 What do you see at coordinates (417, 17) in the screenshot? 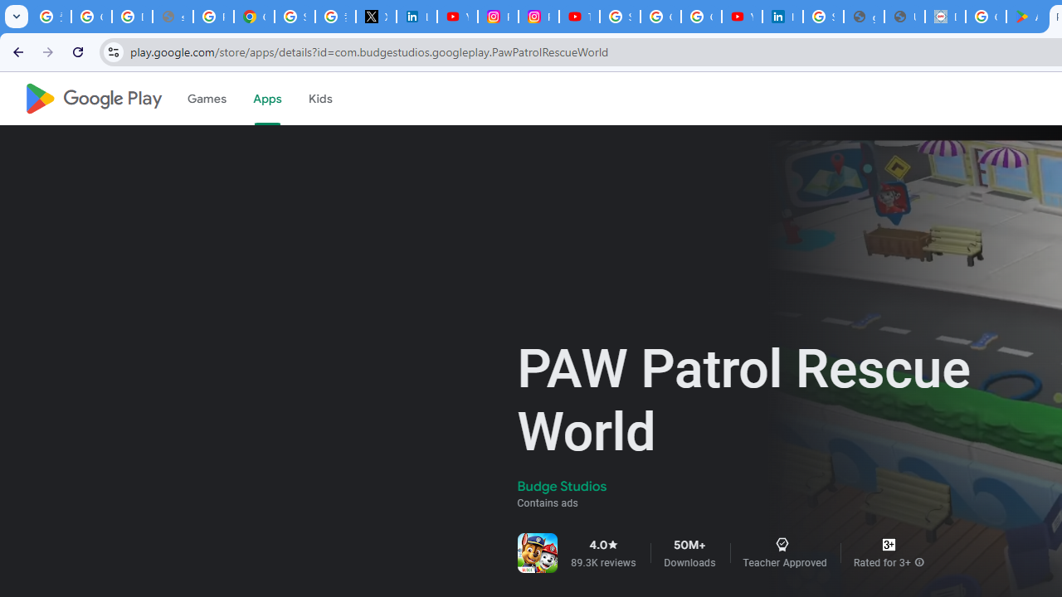
I see `'LinkedIn Privacy Policy'` at bounding box center [417, 17].